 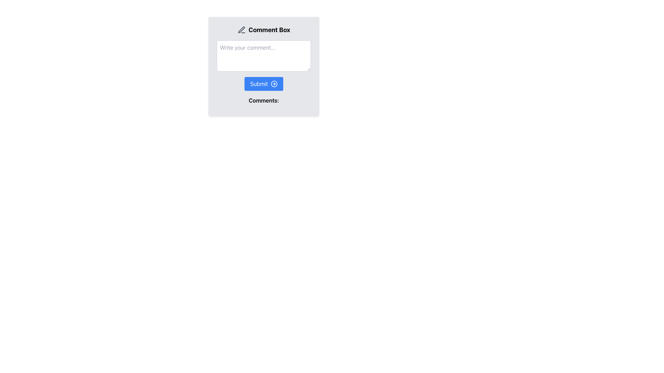 What do you see at coordinates (264, 84) in the screenshot?
I see `the submit button located beneath the comment input field` at bounding box center [264, 84].